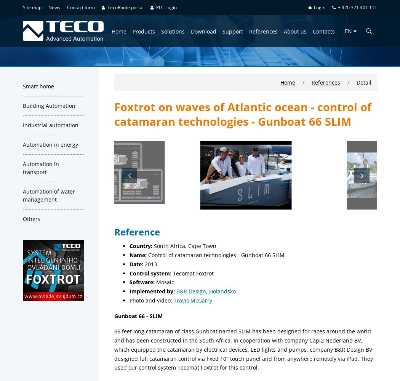  What do you see at coordinates (243, 349) in the screenshot?
I see `'66 feet long catamaran of class Gunboat named SLIM has been designed for races around the world and has been constructed in the South Africa. In cooperation with company Capi2 Nederland BV, which equipped the catamaran by electrical devices, LED lights and pumps, company B&R Design BV designed full catamaran control via fixed 10" touch panel and from anywhere remotely via iPad. They used our control system Tecomat Foxtrot for this control.'` at bounding box center [243, 349].